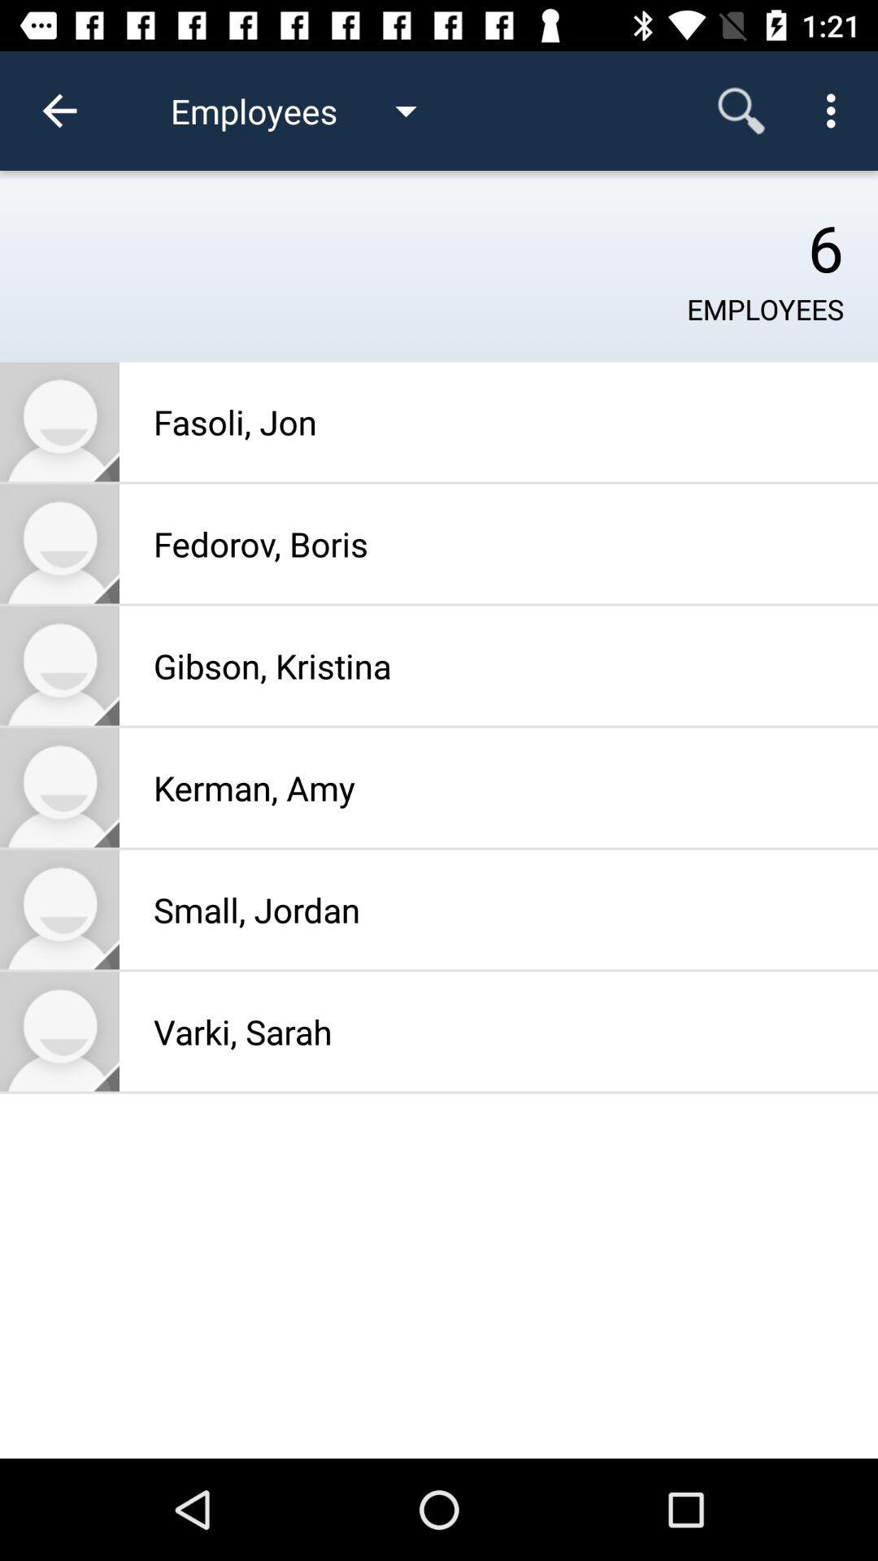 The image size is (878, 1561). I want to click on gibson kristina, so click(59, 666).